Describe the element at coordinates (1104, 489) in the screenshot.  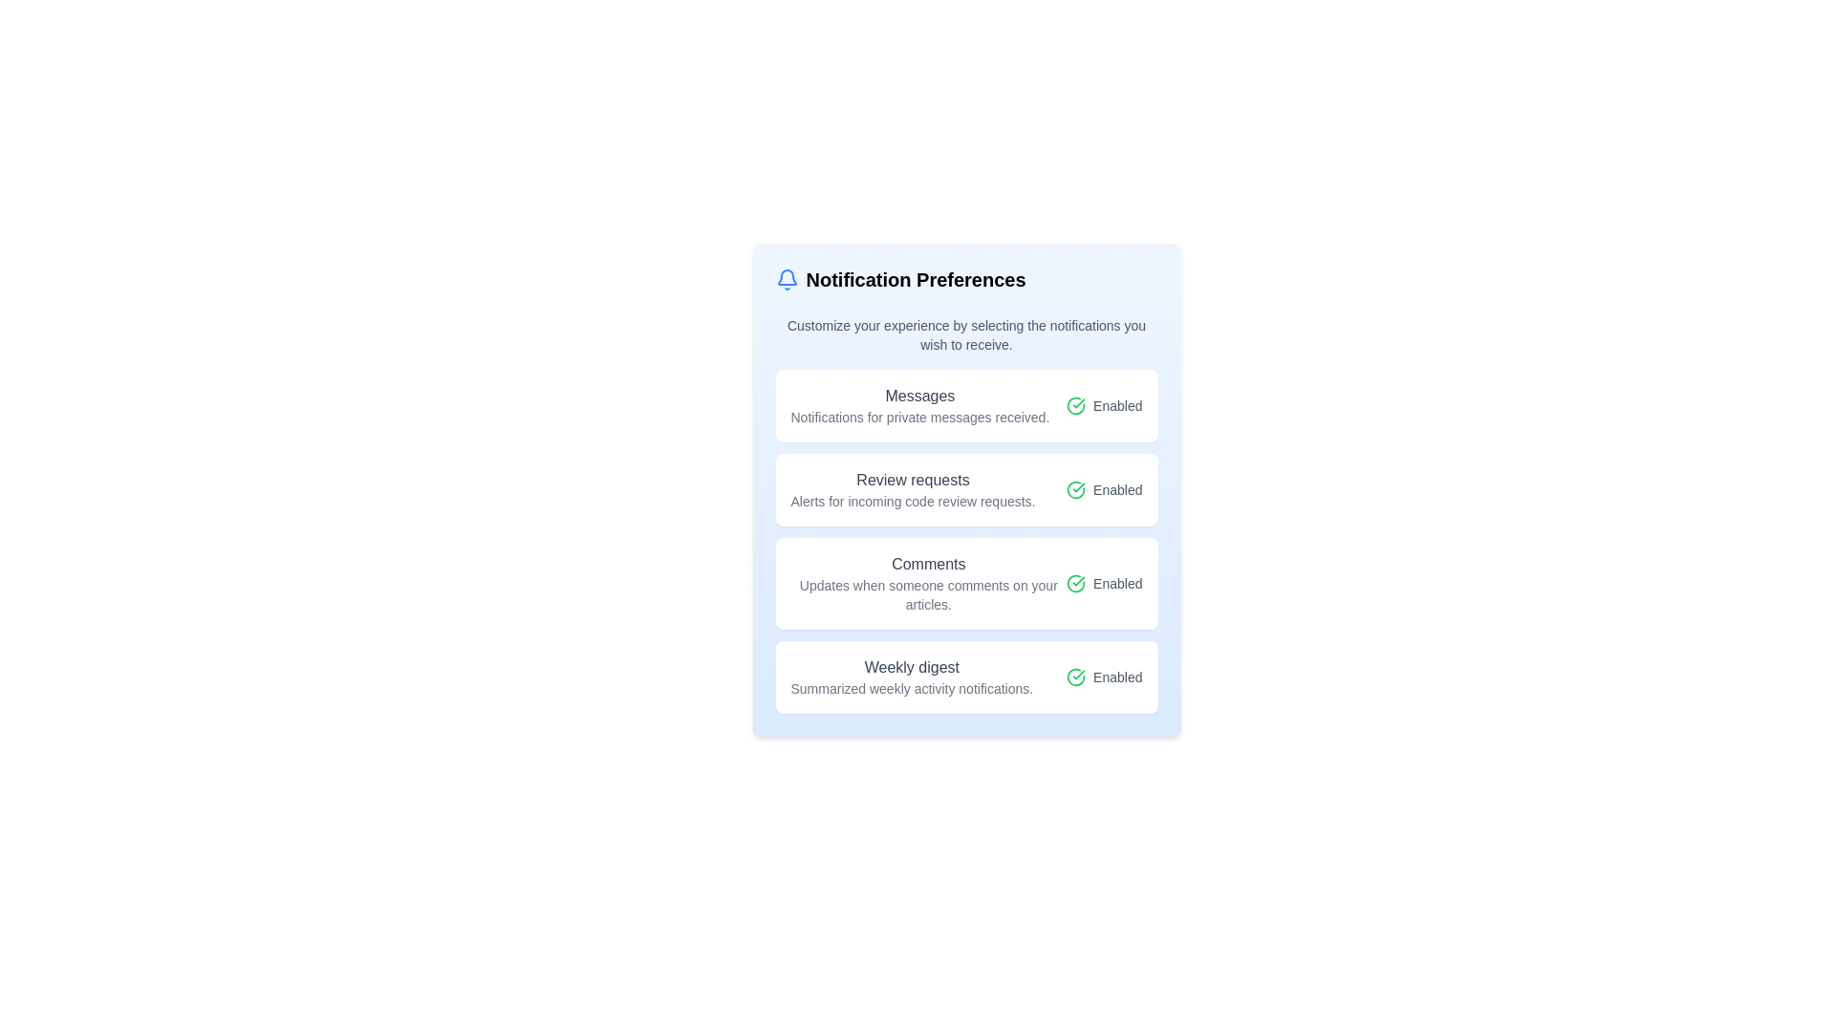
I see `text of the status label displaying 'Enabled', which is paired with a green circular checkmark icon, located in the 'Review requests' section of the 'Notification Preferences' panel` at that location.